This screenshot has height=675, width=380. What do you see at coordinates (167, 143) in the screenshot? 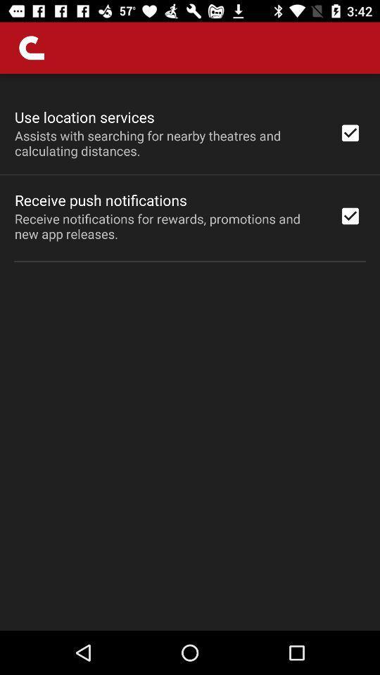
I see `the assists with searching icon` at bounding box center [167, 143].